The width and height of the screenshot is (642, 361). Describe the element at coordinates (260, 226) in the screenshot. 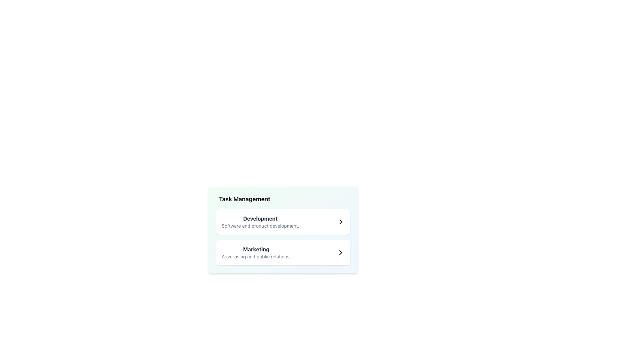

I see `the static text label providing a description of the 'Development' category, located centrally underneath the bold 'Development' heading` at that location.